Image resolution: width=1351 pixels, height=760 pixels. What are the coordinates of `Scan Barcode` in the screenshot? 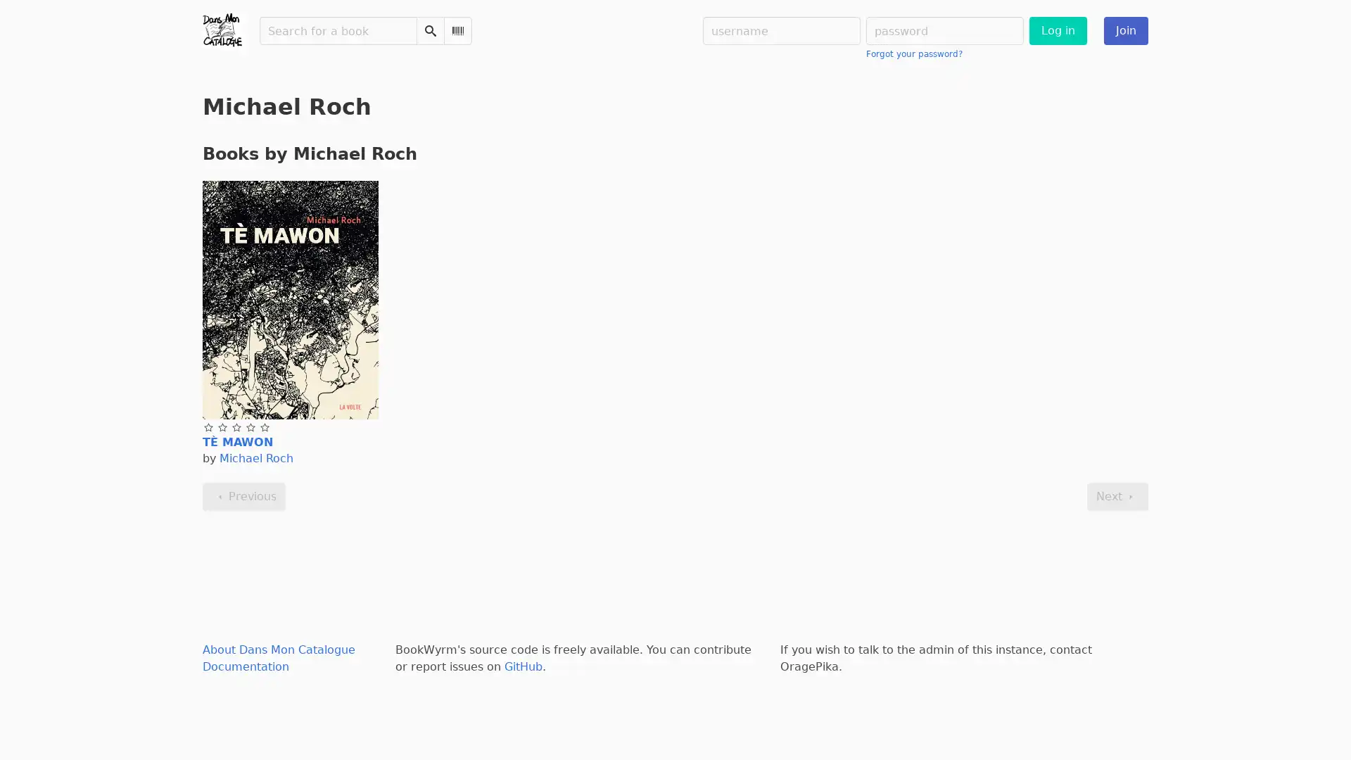 It's located at (458, 30).